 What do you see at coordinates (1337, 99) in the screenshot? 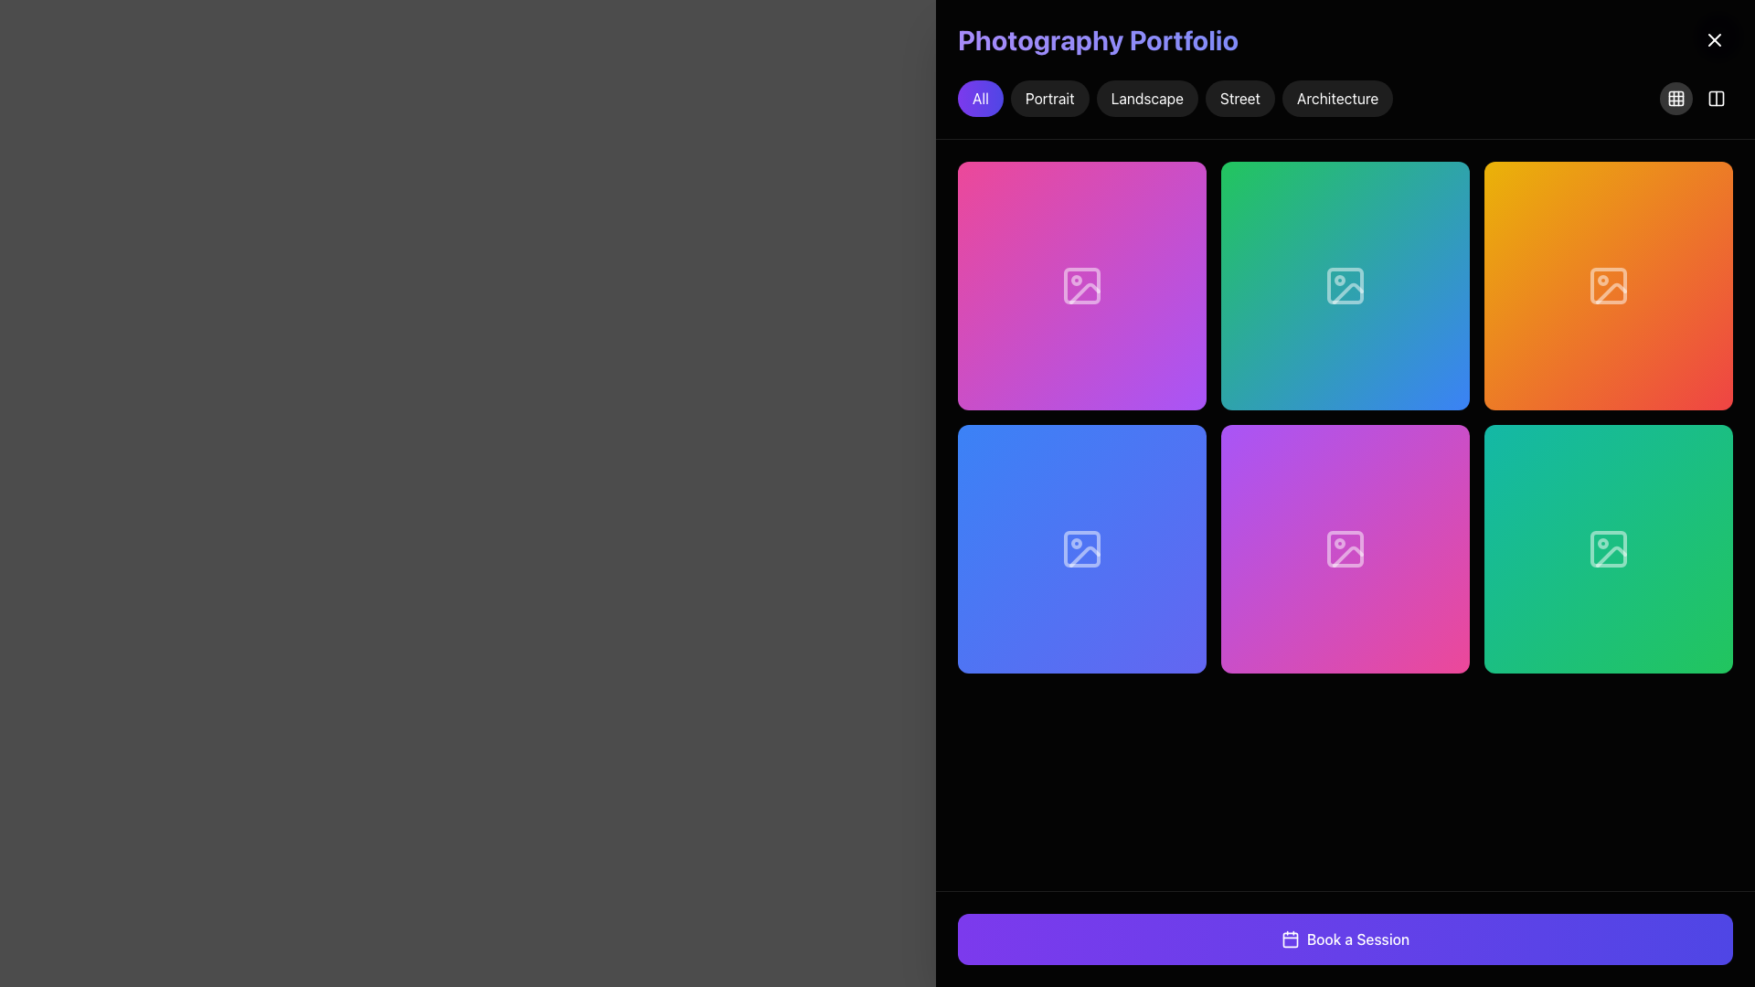
I see `the rightmost button labeled 'Architecture' with white text` at bounding box center [1337, 99].